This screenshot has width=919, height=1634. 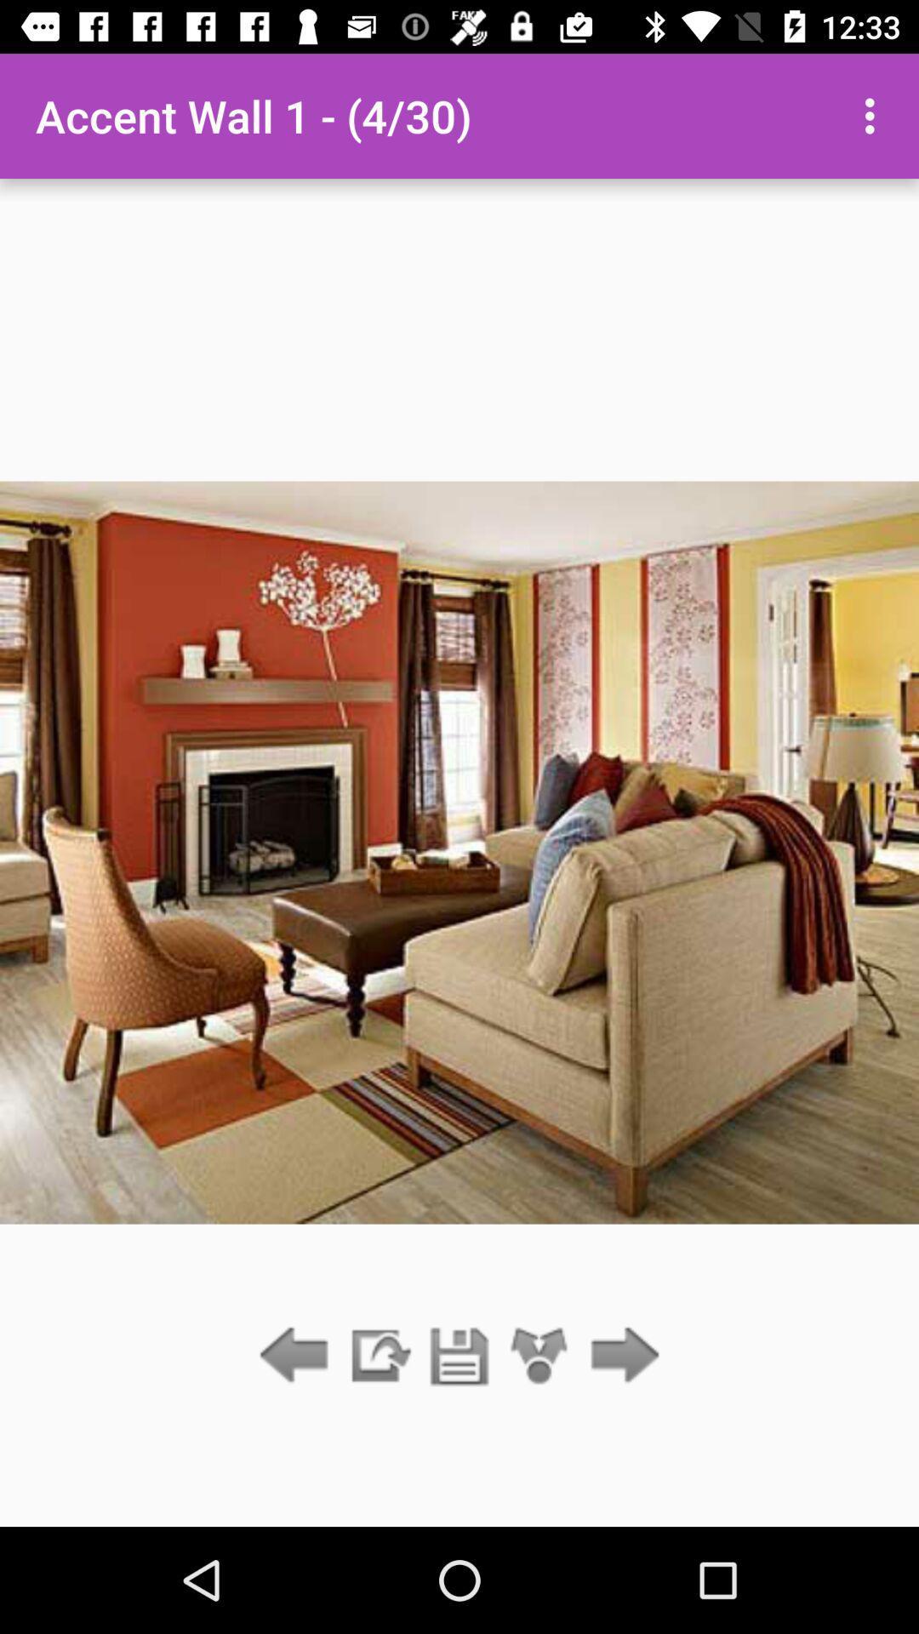 I want to click on information, so click(x=378, y=1356).